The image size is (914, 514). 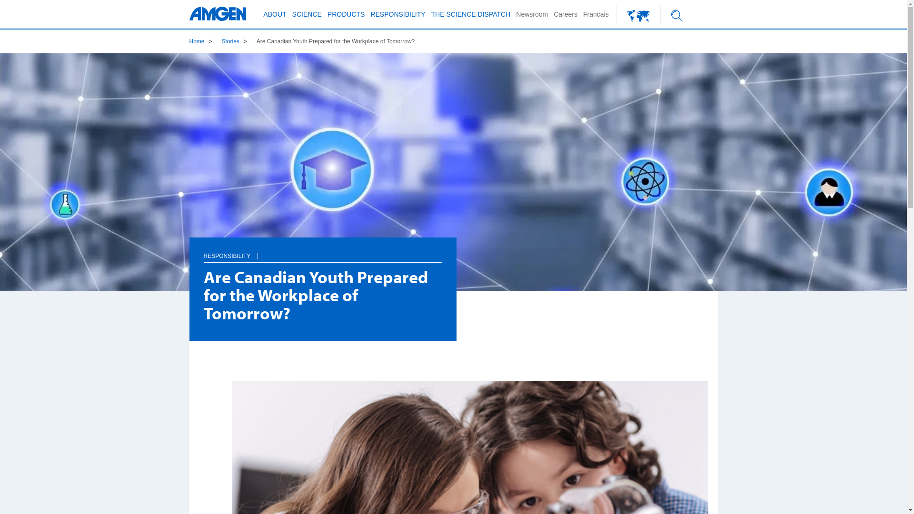 I want to click on 'RESPONSIBILITY', so click(x=227, y=255).